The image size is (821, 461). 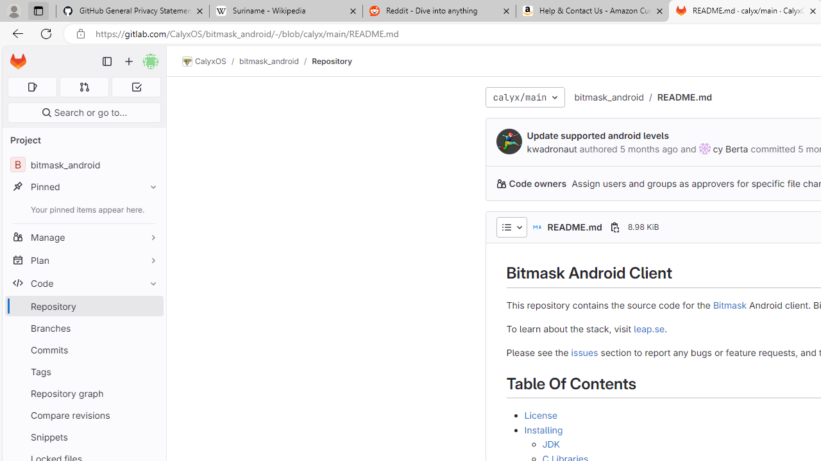 What do you see at coordinates (608, 96) in the screenshot?
I see `'bitmask_android'` at bounding box center [608, 96].